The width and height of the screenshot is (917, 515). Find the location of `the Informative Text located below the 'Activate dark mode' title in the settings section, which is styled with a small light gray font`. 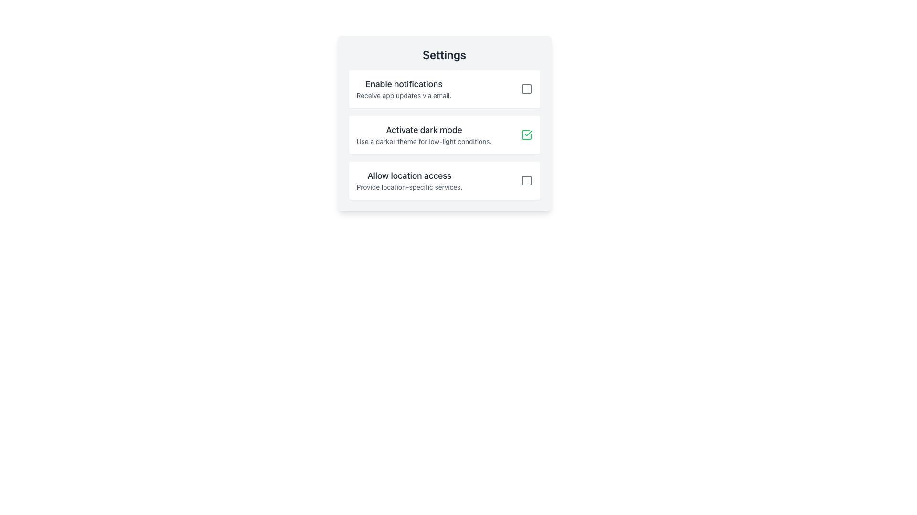

the Informative Text located below the 'Activate dark mode' title in the settings section, which is styled with a small light gray font is located at coordinates (424, 142).